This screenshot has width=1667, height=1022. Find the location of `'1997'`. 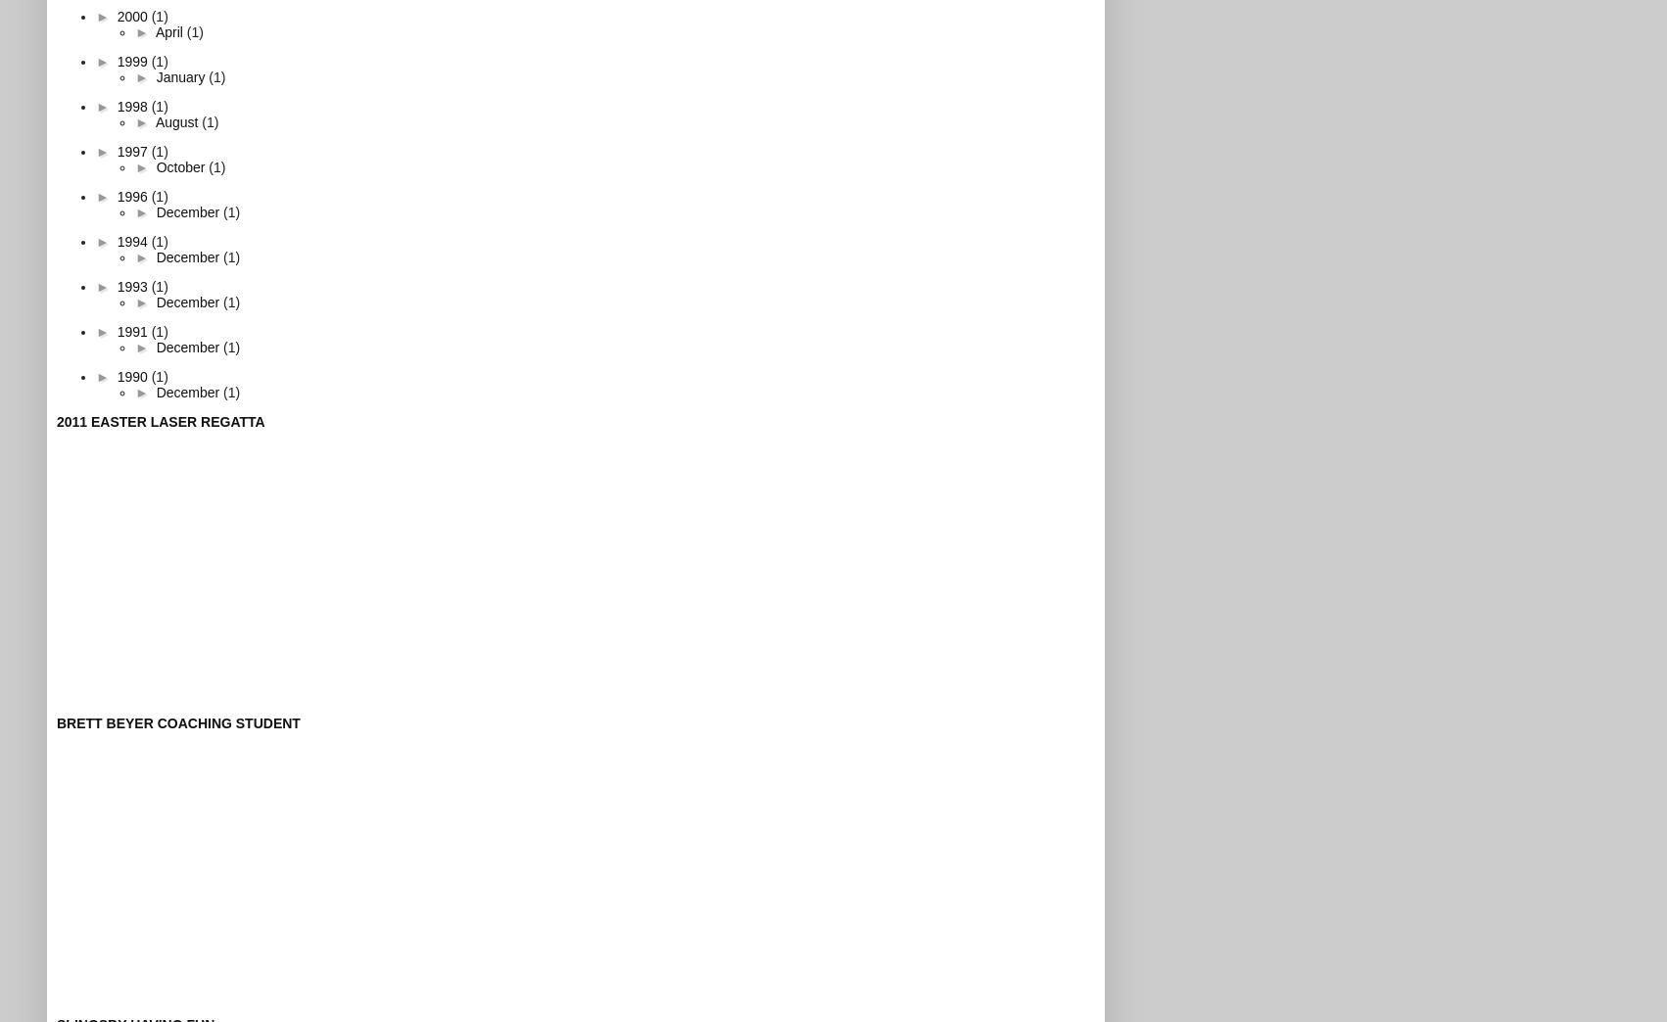

'1997' is located at coordinates (133, 149).